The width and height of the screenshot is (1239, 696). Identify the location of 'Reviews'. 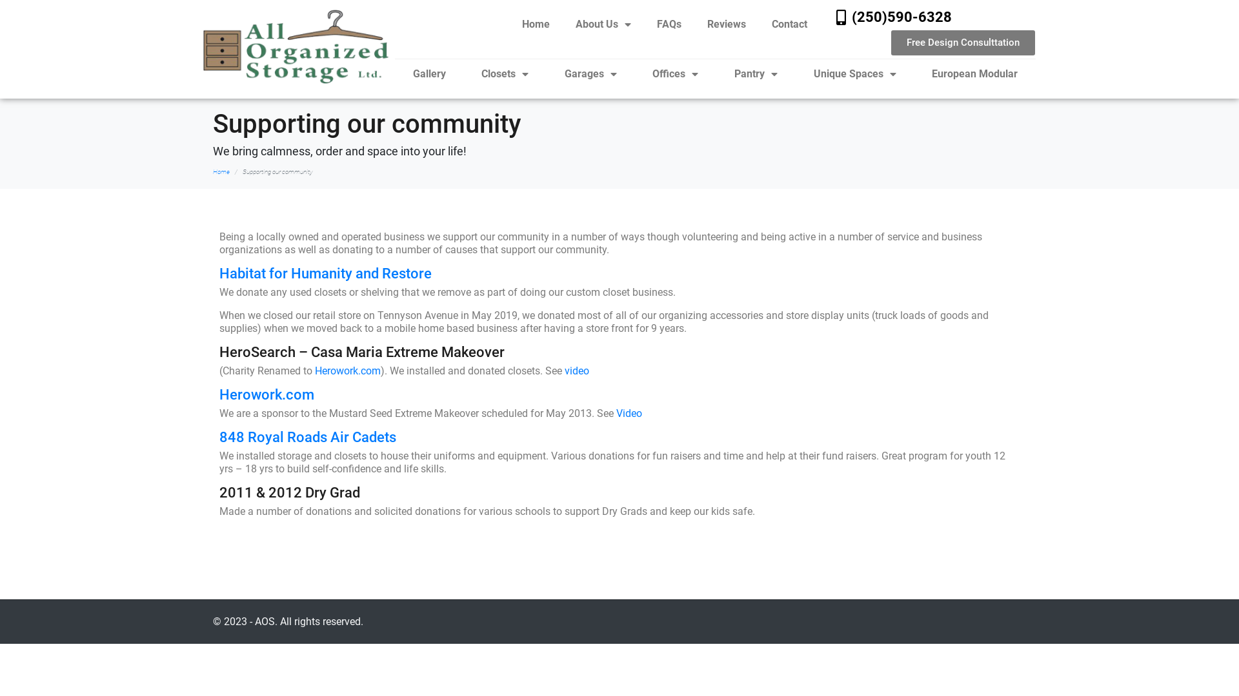
(727, 24).